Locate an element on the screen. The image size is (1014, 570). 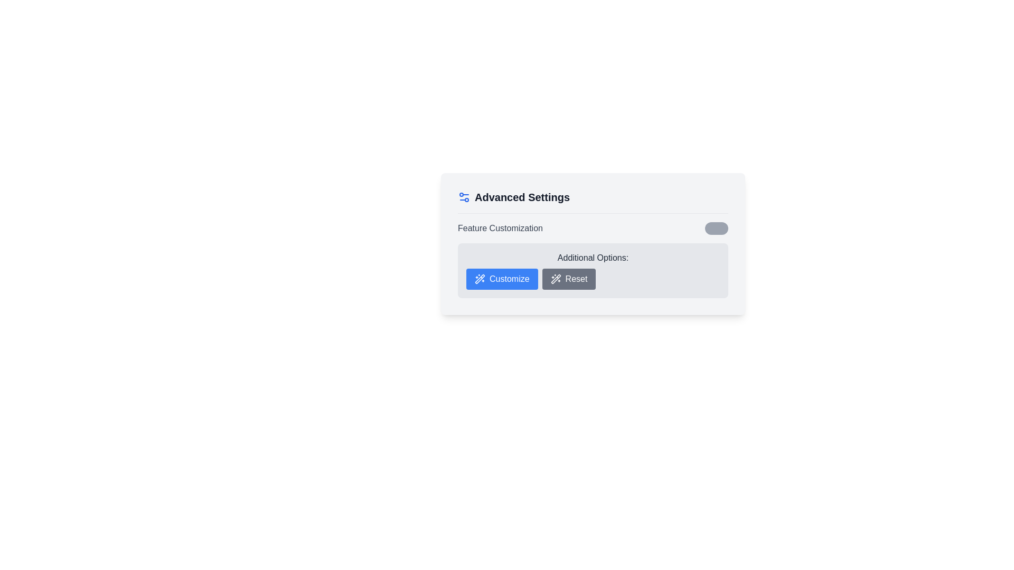
the 'Customize' button, which is represented by a wand icon with sparkles, located in the settings section of the interface is located at coordinates (479, 278).